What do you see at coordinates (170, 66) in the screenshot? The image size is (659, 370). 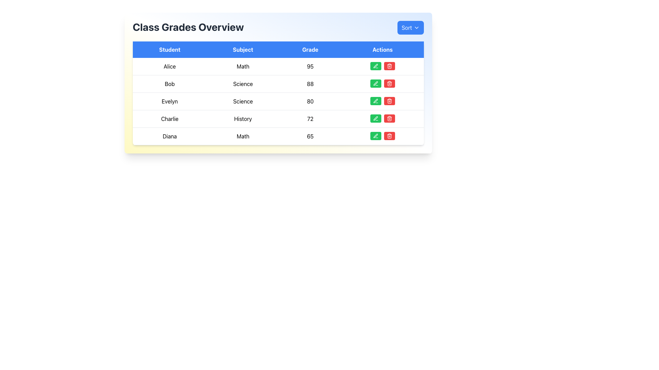 I see `the text box displaying the name 'Alice,' which is the first cell in the leftmost column under the 'Student' header in the table` at bounding box center [170, 66].